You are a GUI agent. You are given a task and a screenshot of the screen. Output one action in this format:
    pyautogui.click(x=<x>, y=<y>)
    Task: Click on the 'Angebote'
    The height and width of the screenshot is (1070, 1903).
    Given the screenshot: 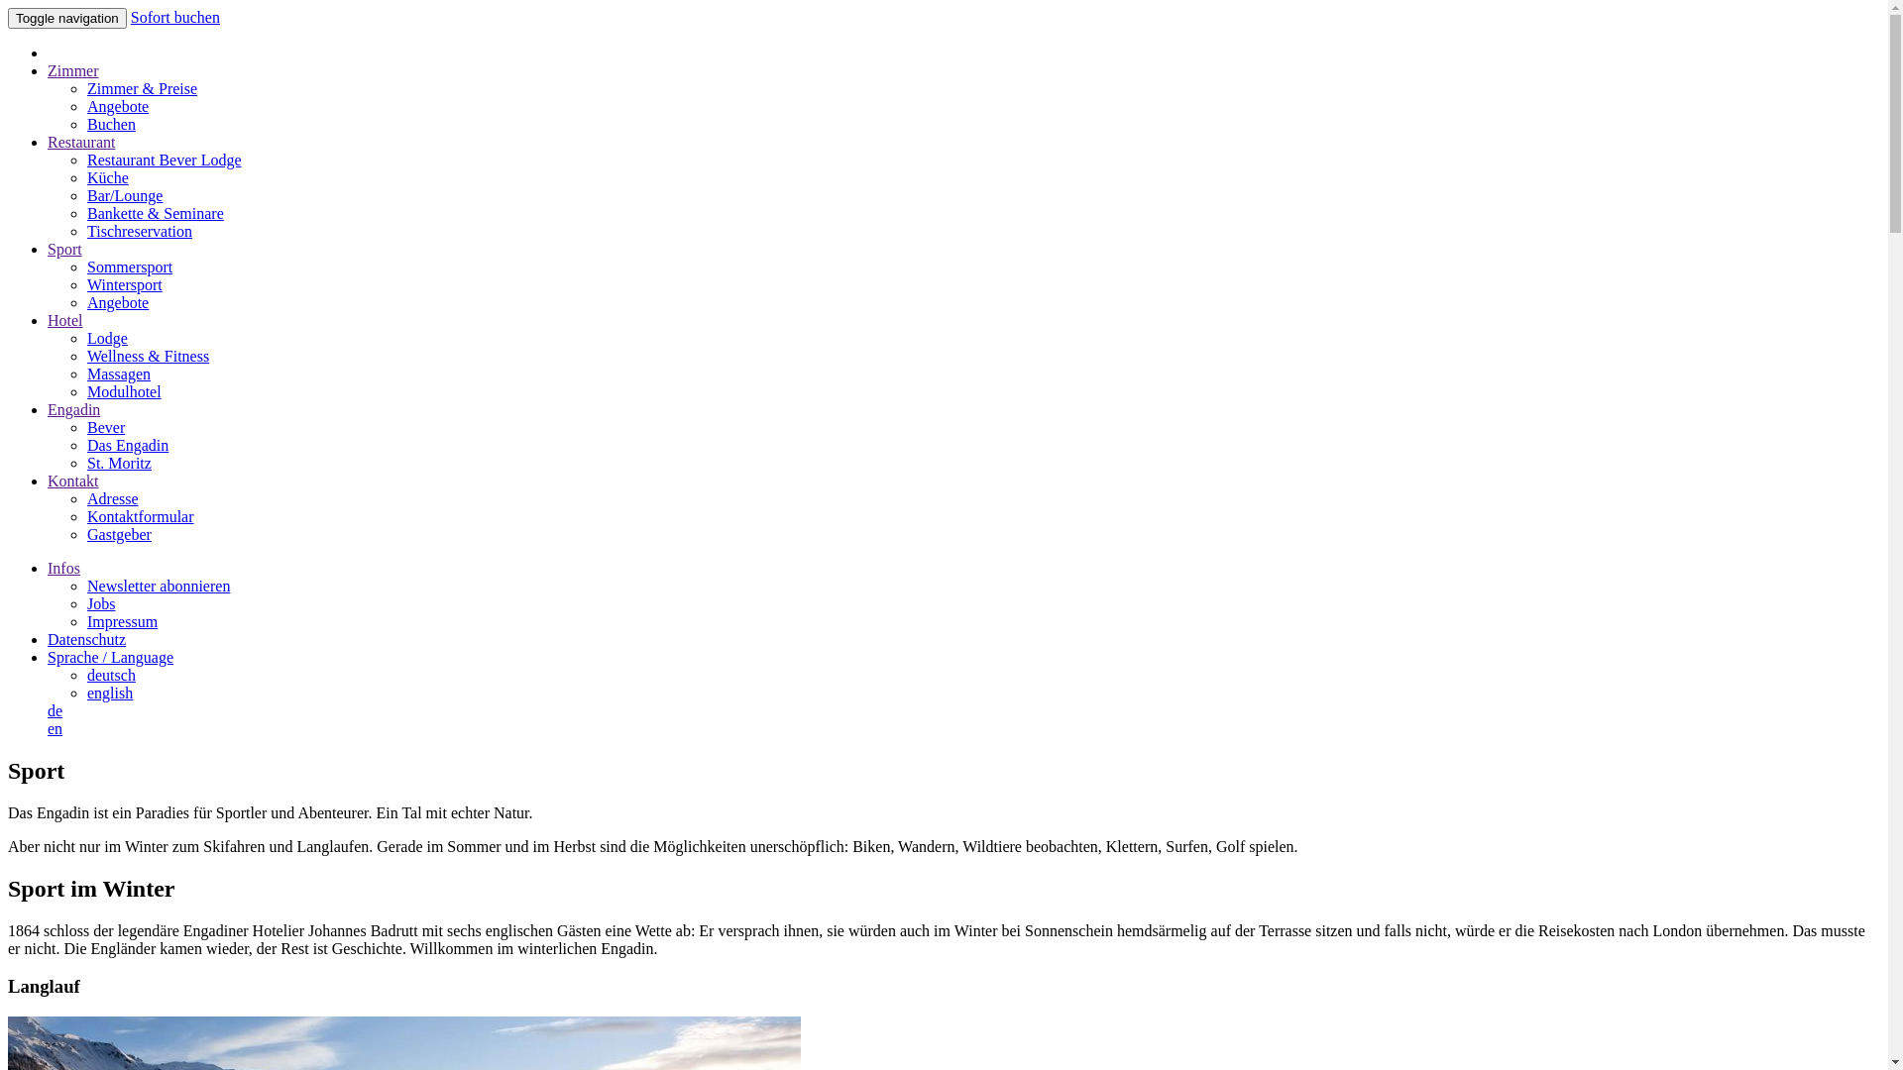 What is the action you would take?
    pyautogui.click(x=117, y=106)
    